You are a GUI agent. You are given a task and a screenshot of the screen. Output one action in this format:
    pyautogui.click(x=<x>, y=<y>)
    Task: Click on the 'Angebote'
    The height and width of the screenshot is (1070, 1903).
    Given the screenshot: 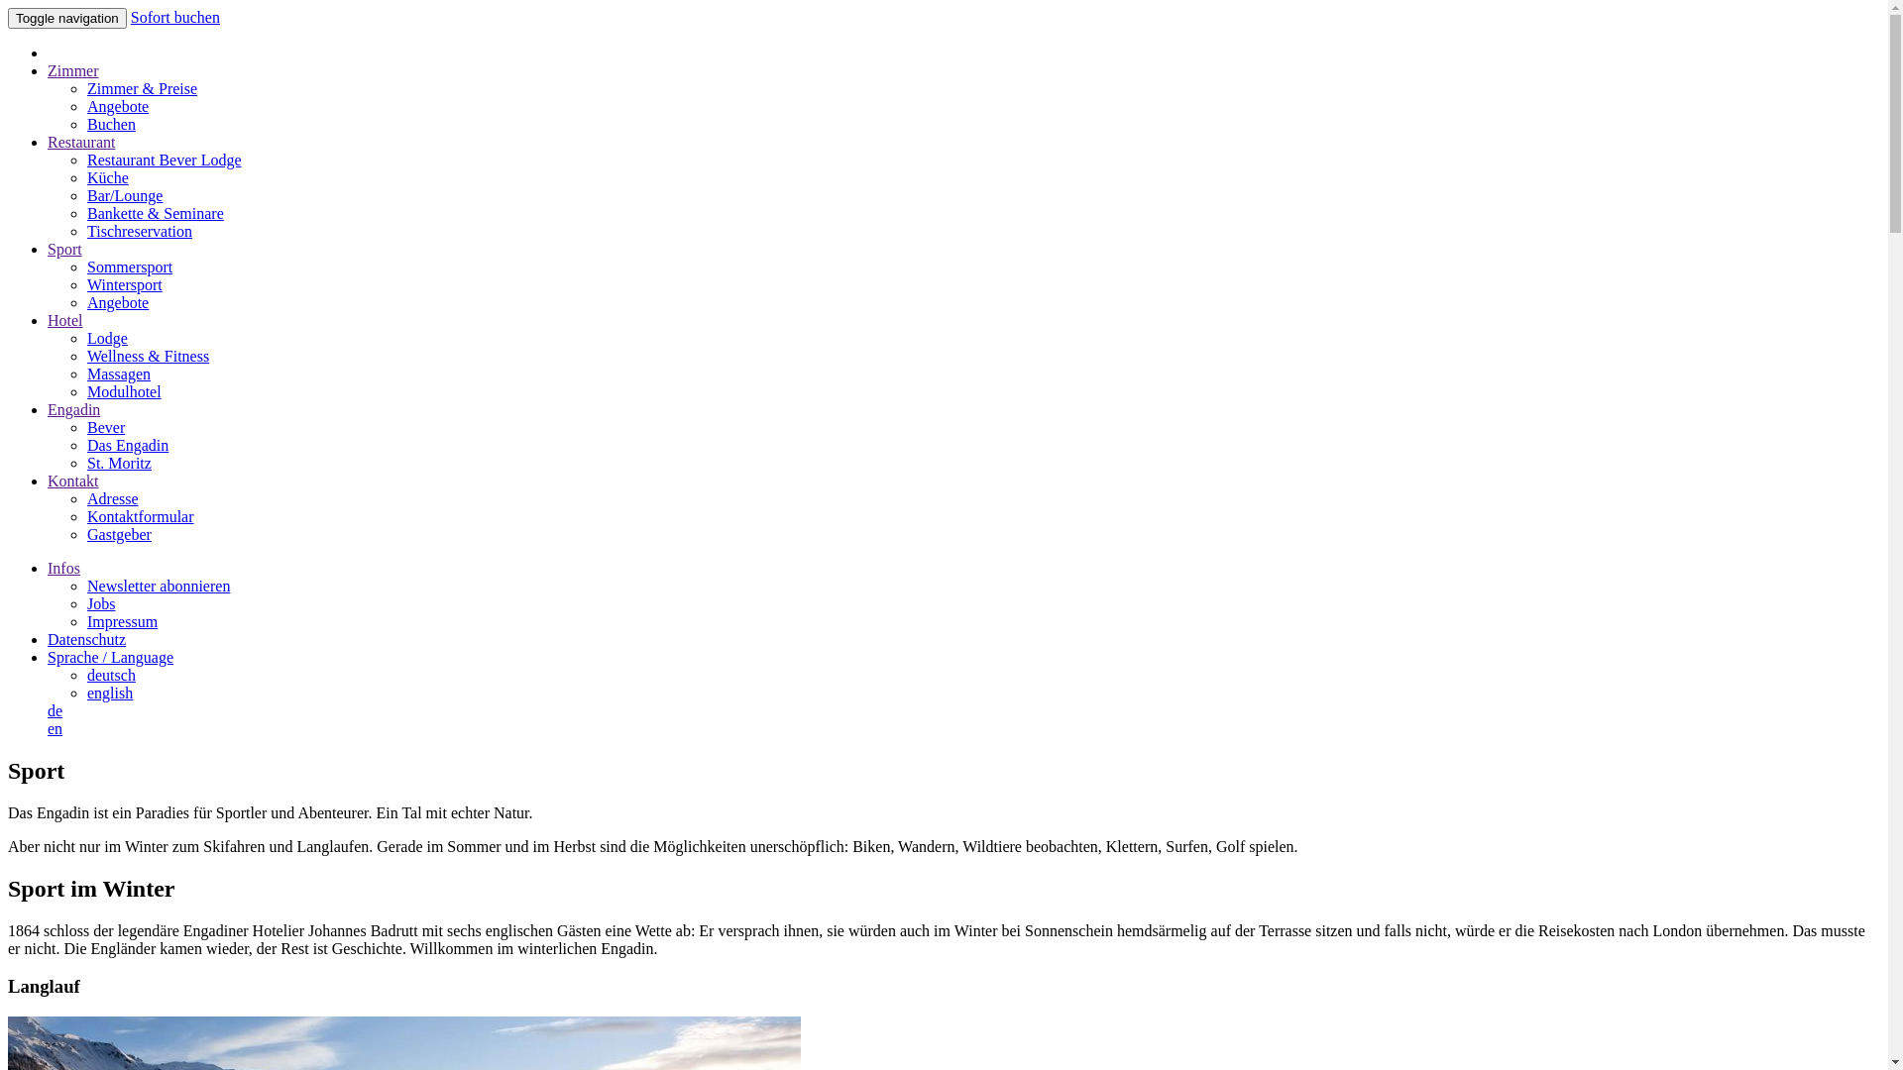 What is the action you would take?
    pyautogui.click(x=117, y=106)
    